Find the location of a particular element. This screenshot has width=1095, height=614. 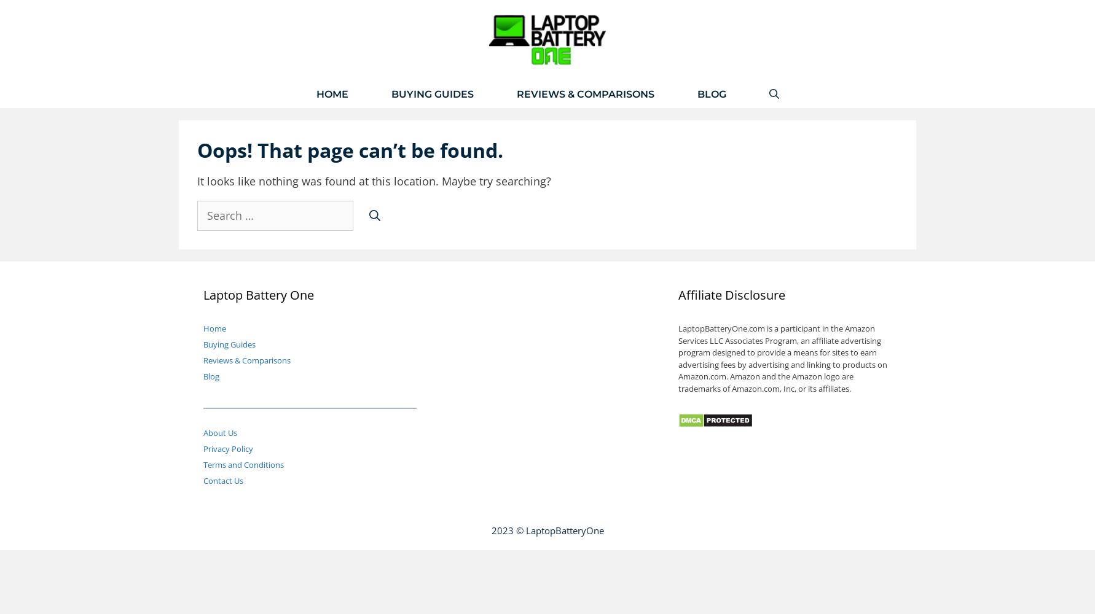

'2023 © LaptopBatteryOne' is located at coordinates (546, 530).